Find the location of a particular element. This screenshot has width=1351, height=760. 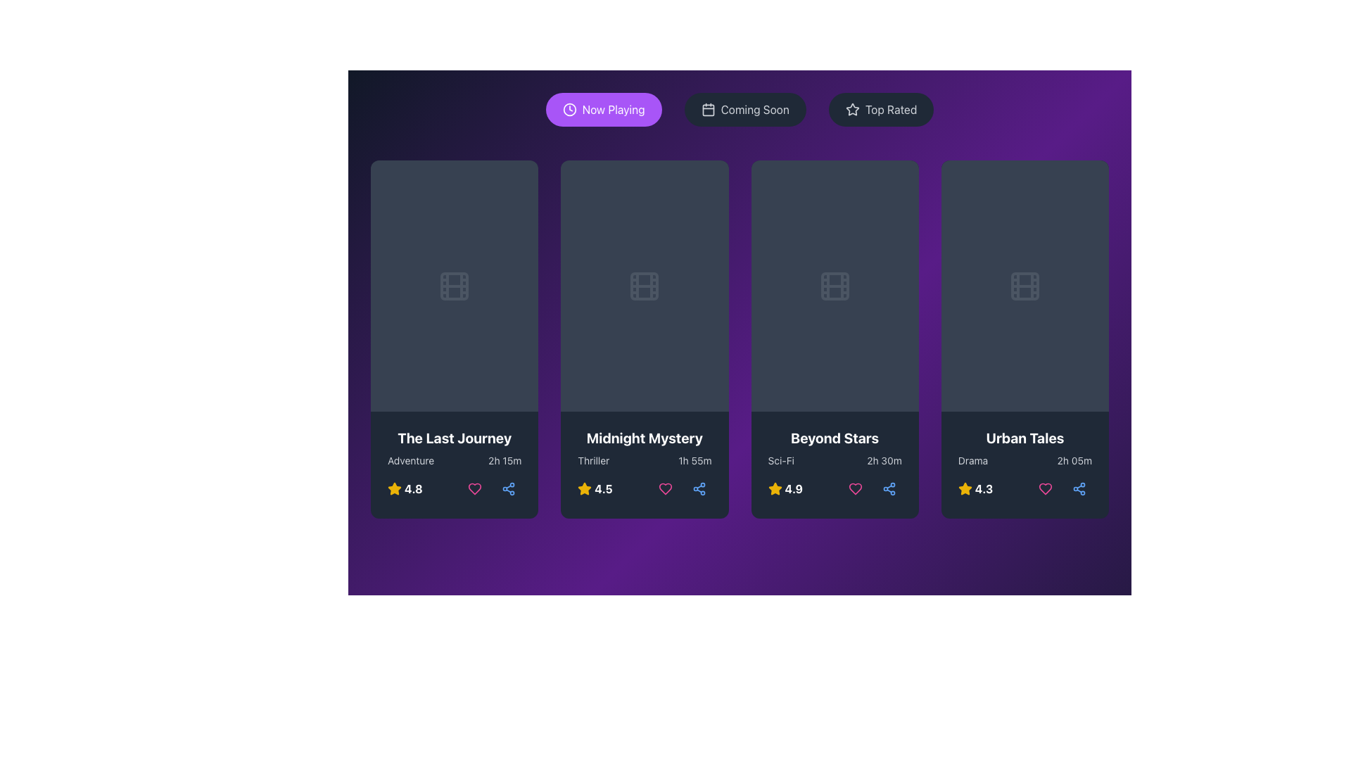

text from the movie title label located in the third column of the grid layout, positioned below the central image of the movie card is located at coordinates (835, 438).